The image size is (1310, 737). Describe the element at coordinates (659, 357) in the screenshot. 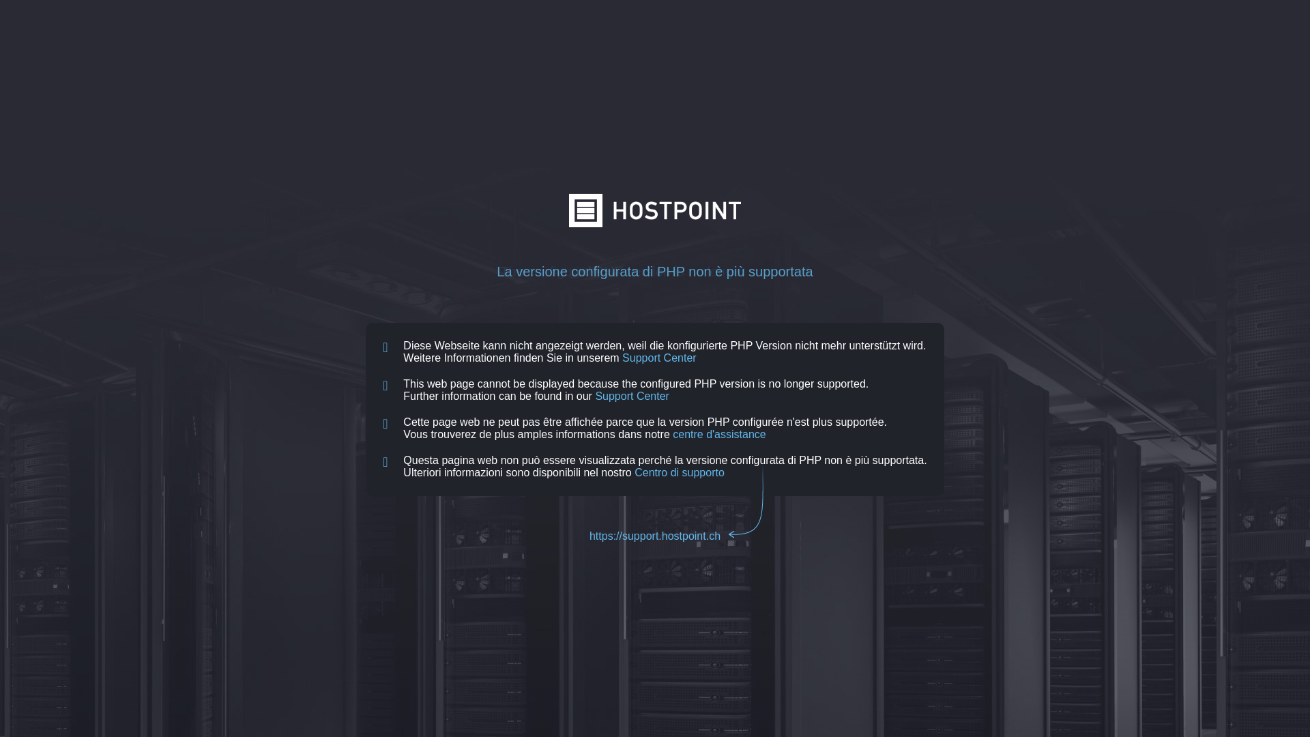

I see `'Support Center'` at that location.